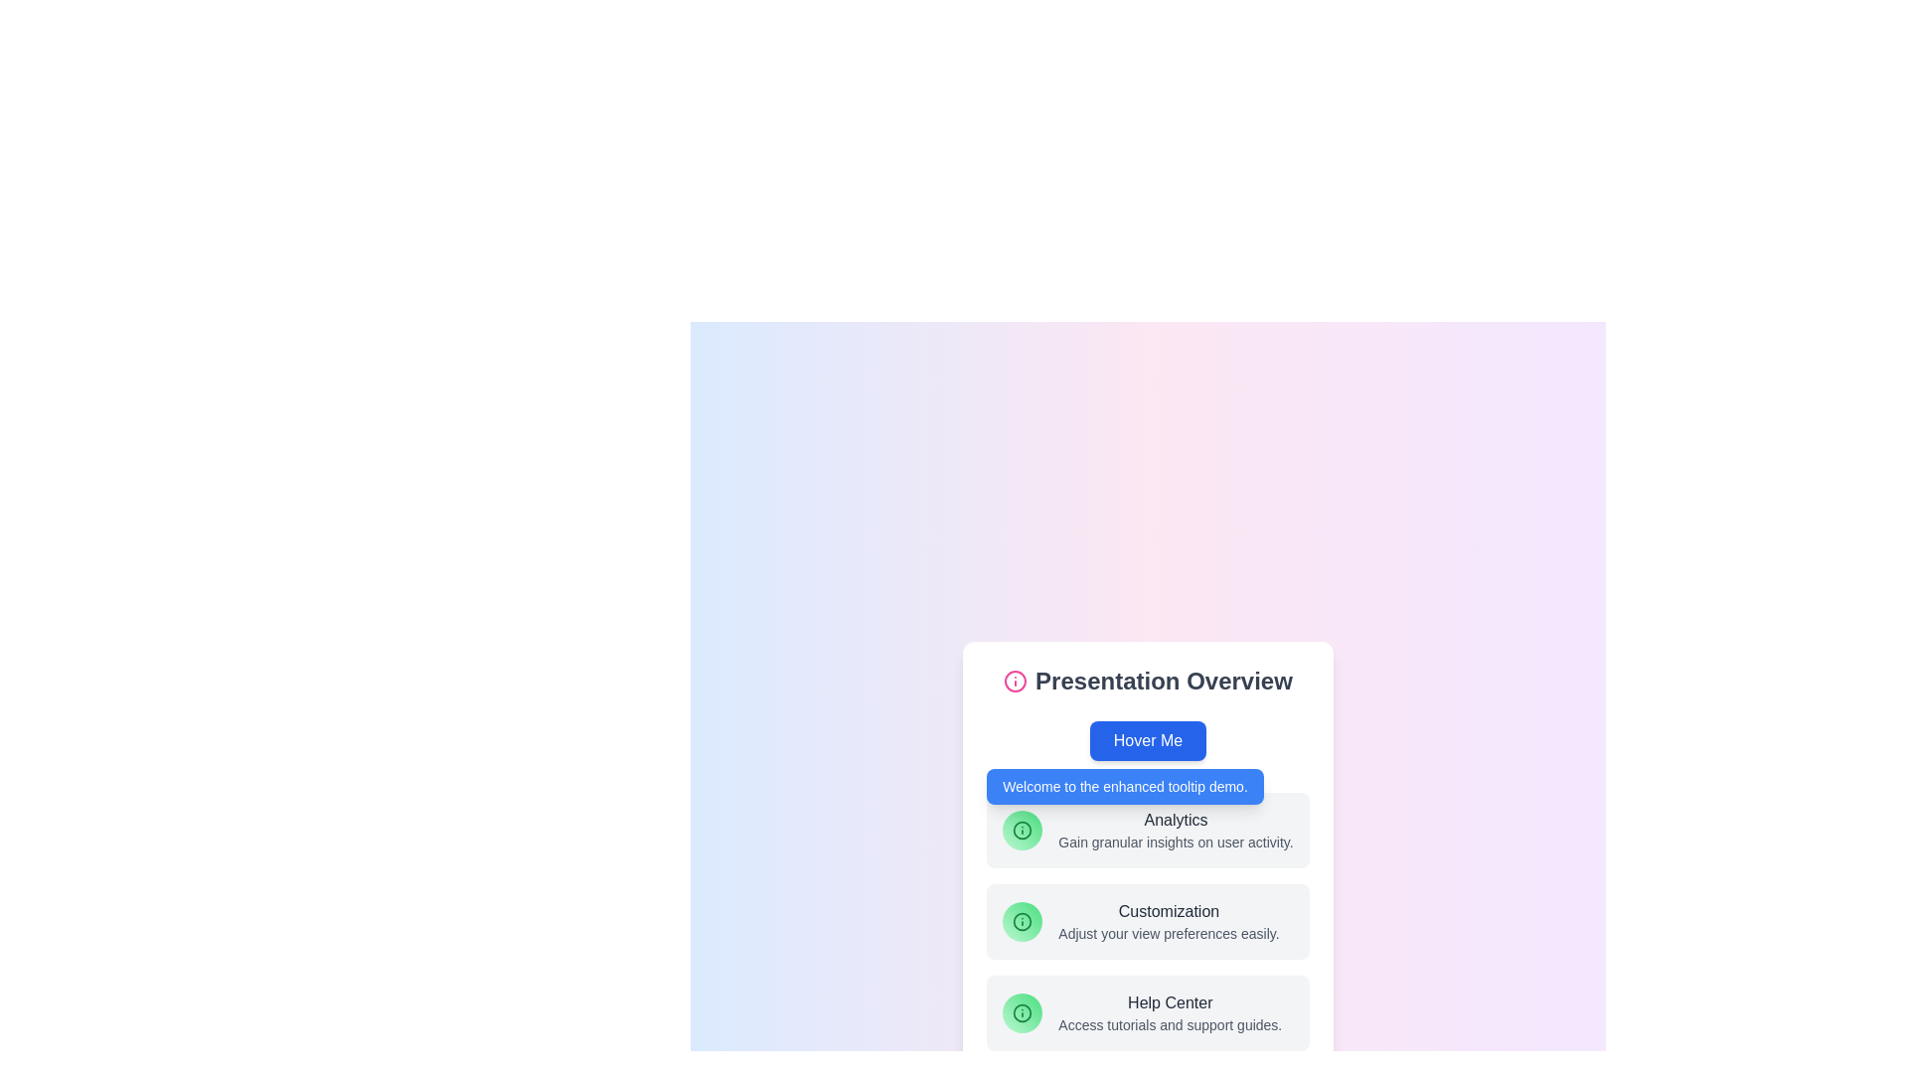  What do you see at coordinates (1176, 820) in the screenshot?
I see `the text element that reads 'Analytics', which is displayed in a medium-sized, bold dark gray font on a light background, located centrally above additional descriptive text` at bounding box center [1176, 820].